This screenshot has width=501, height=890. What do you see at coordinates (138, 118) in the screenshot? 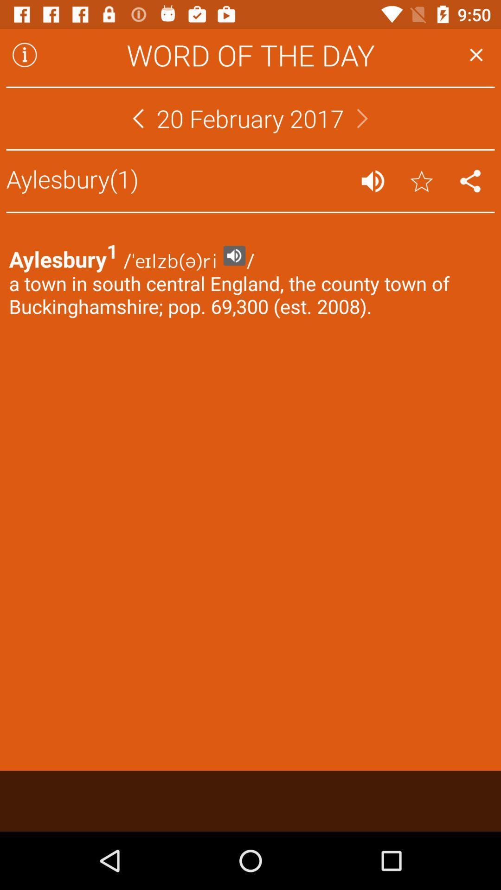
I see `app next to 20 february 2017 item` at bounding box center [138, 118].